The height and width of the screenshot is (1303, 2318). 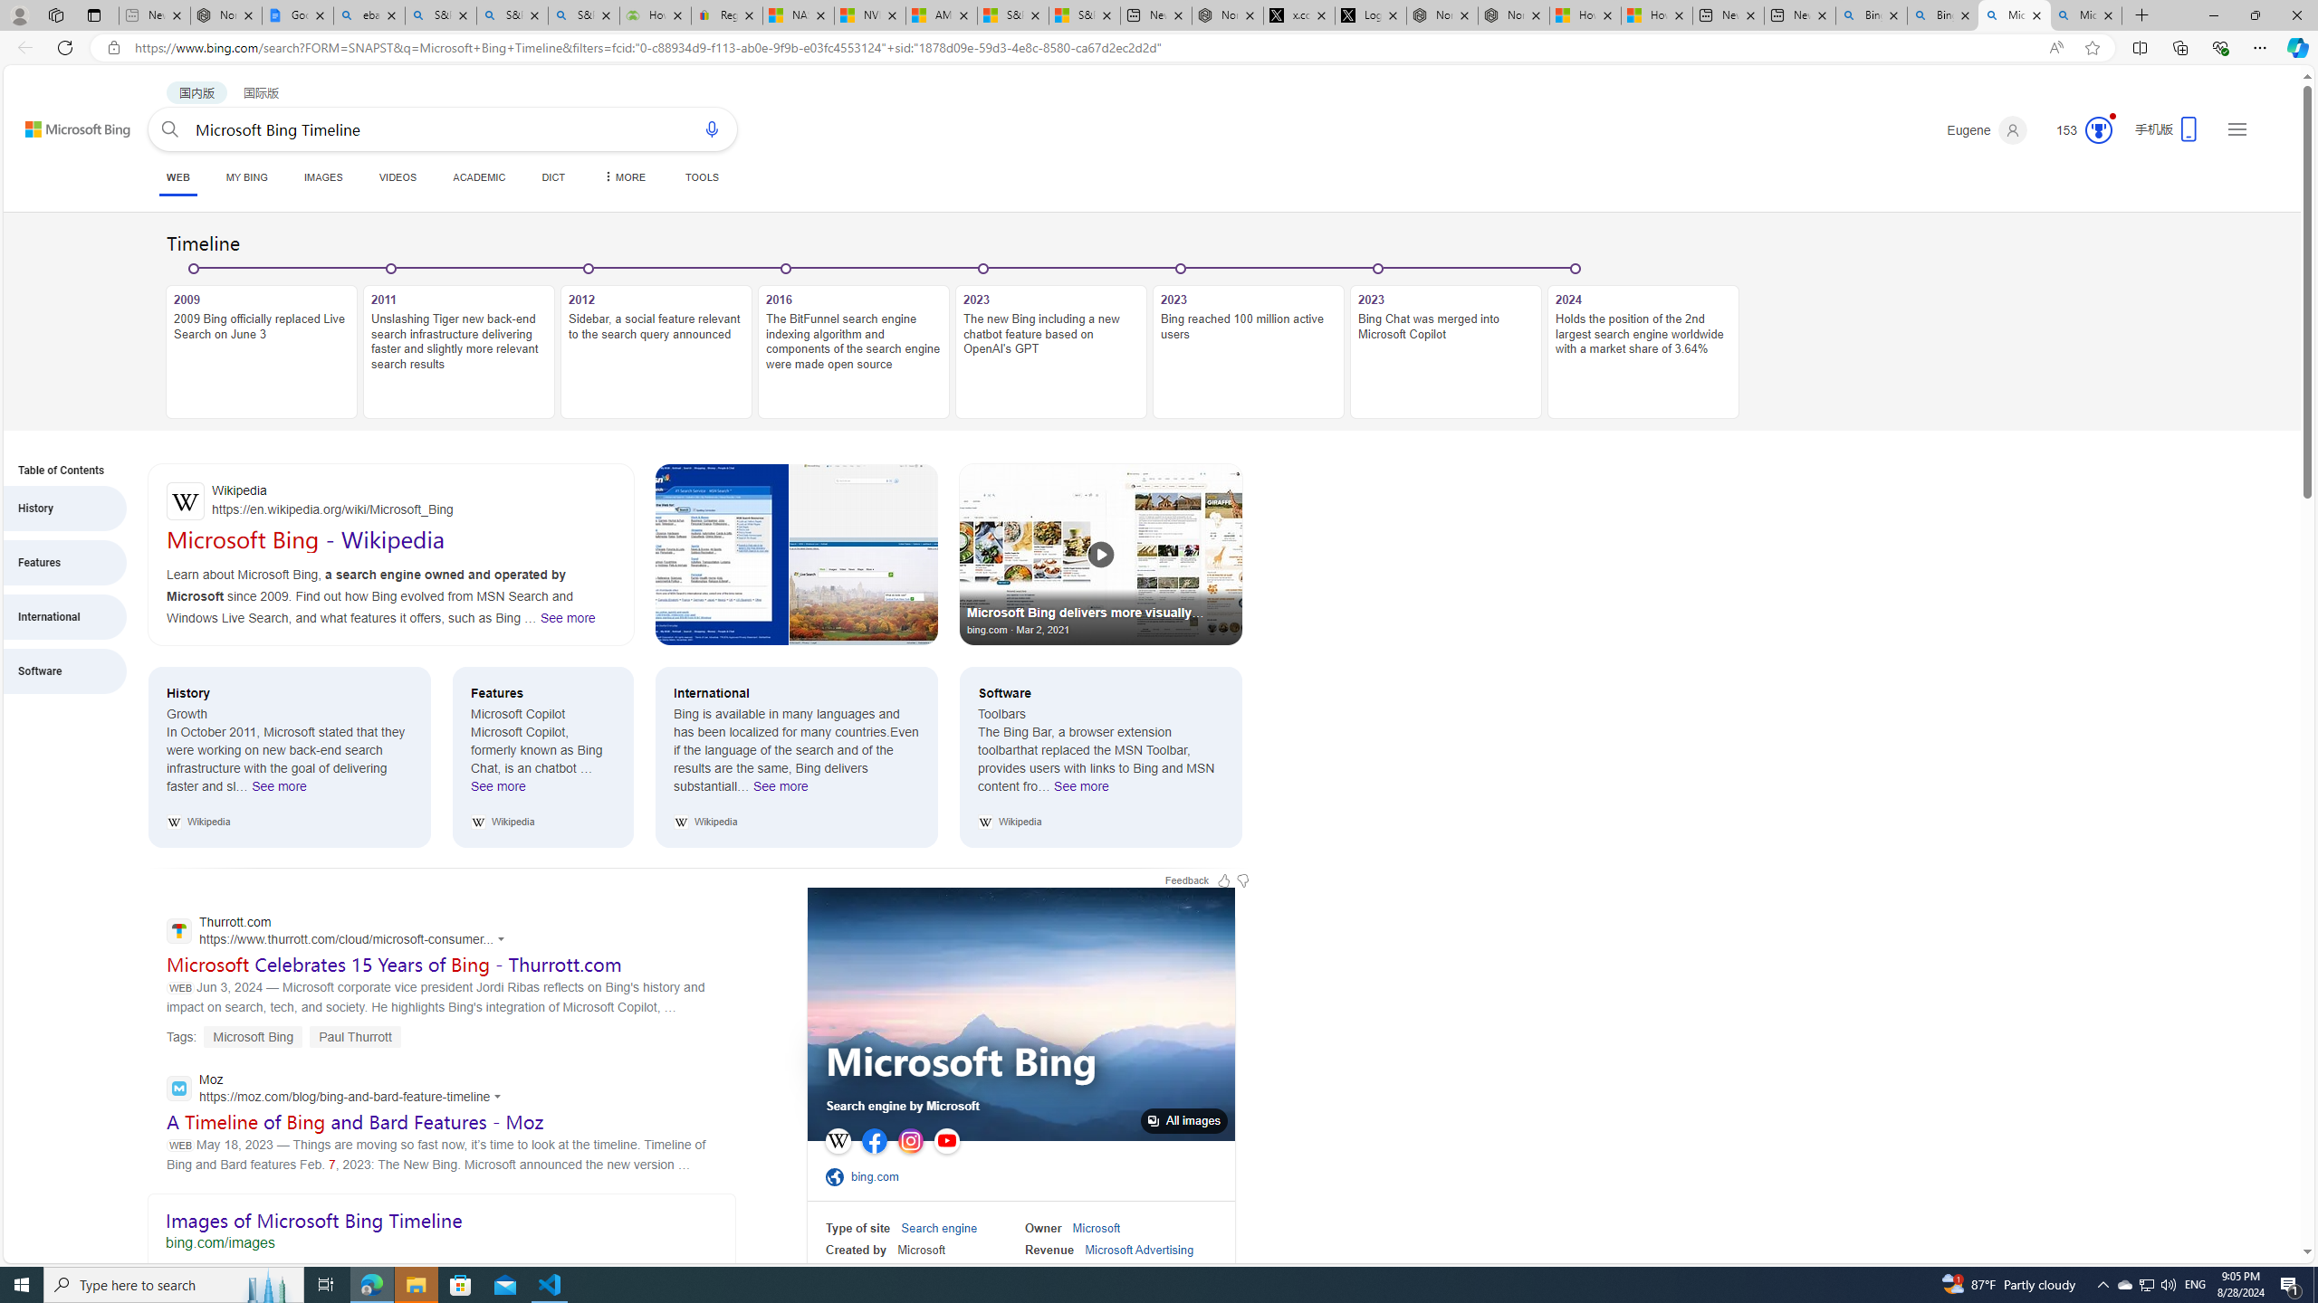 I want to click on 'ACADEMIC', so click(x=477, y=176).